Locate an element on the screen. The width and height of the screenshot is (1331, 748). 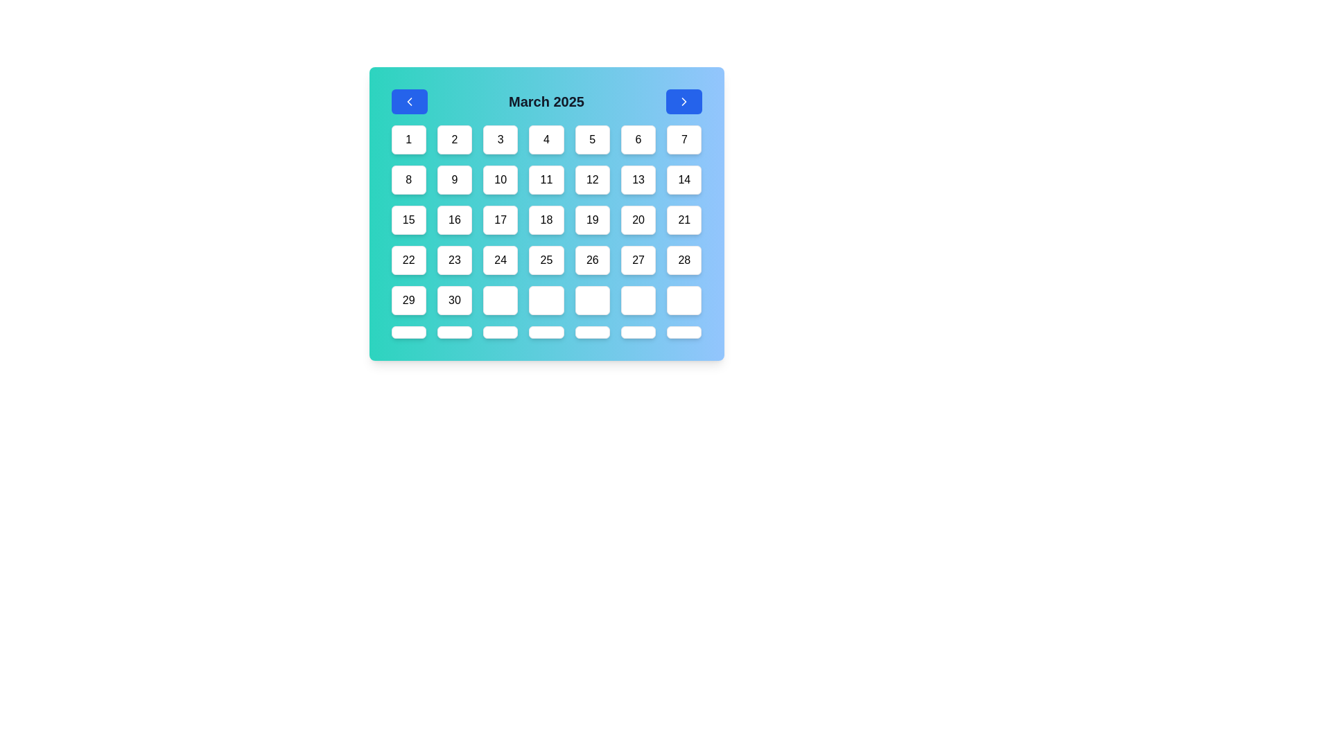
the white rounded box displaying the number '11' located in the second row and fourth column of the grid layout is located at coordinates (546, 179).